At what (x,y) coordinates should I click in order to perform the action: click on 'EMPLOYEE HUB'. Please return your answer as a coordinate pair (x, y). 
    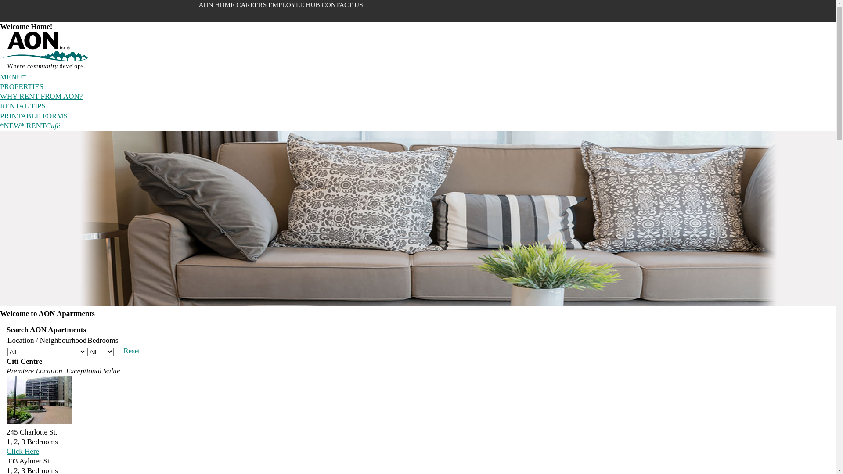
    Looking at the image, I should click on (295, 4).